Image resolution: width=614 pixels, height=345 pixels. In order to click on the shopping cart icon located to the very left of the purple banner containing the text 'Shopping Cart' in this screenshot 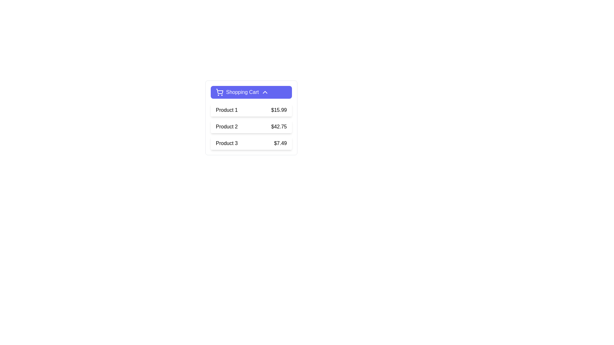, I will do `click(219, 92)`.